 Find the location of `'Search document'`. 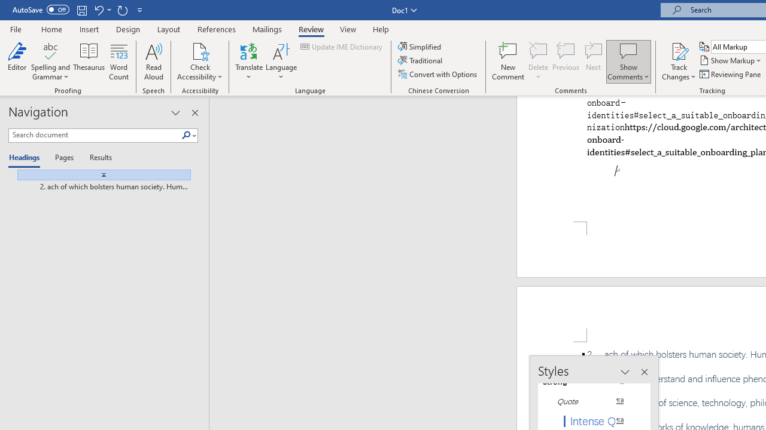

'Search document' is located at coordinates (94, 134).